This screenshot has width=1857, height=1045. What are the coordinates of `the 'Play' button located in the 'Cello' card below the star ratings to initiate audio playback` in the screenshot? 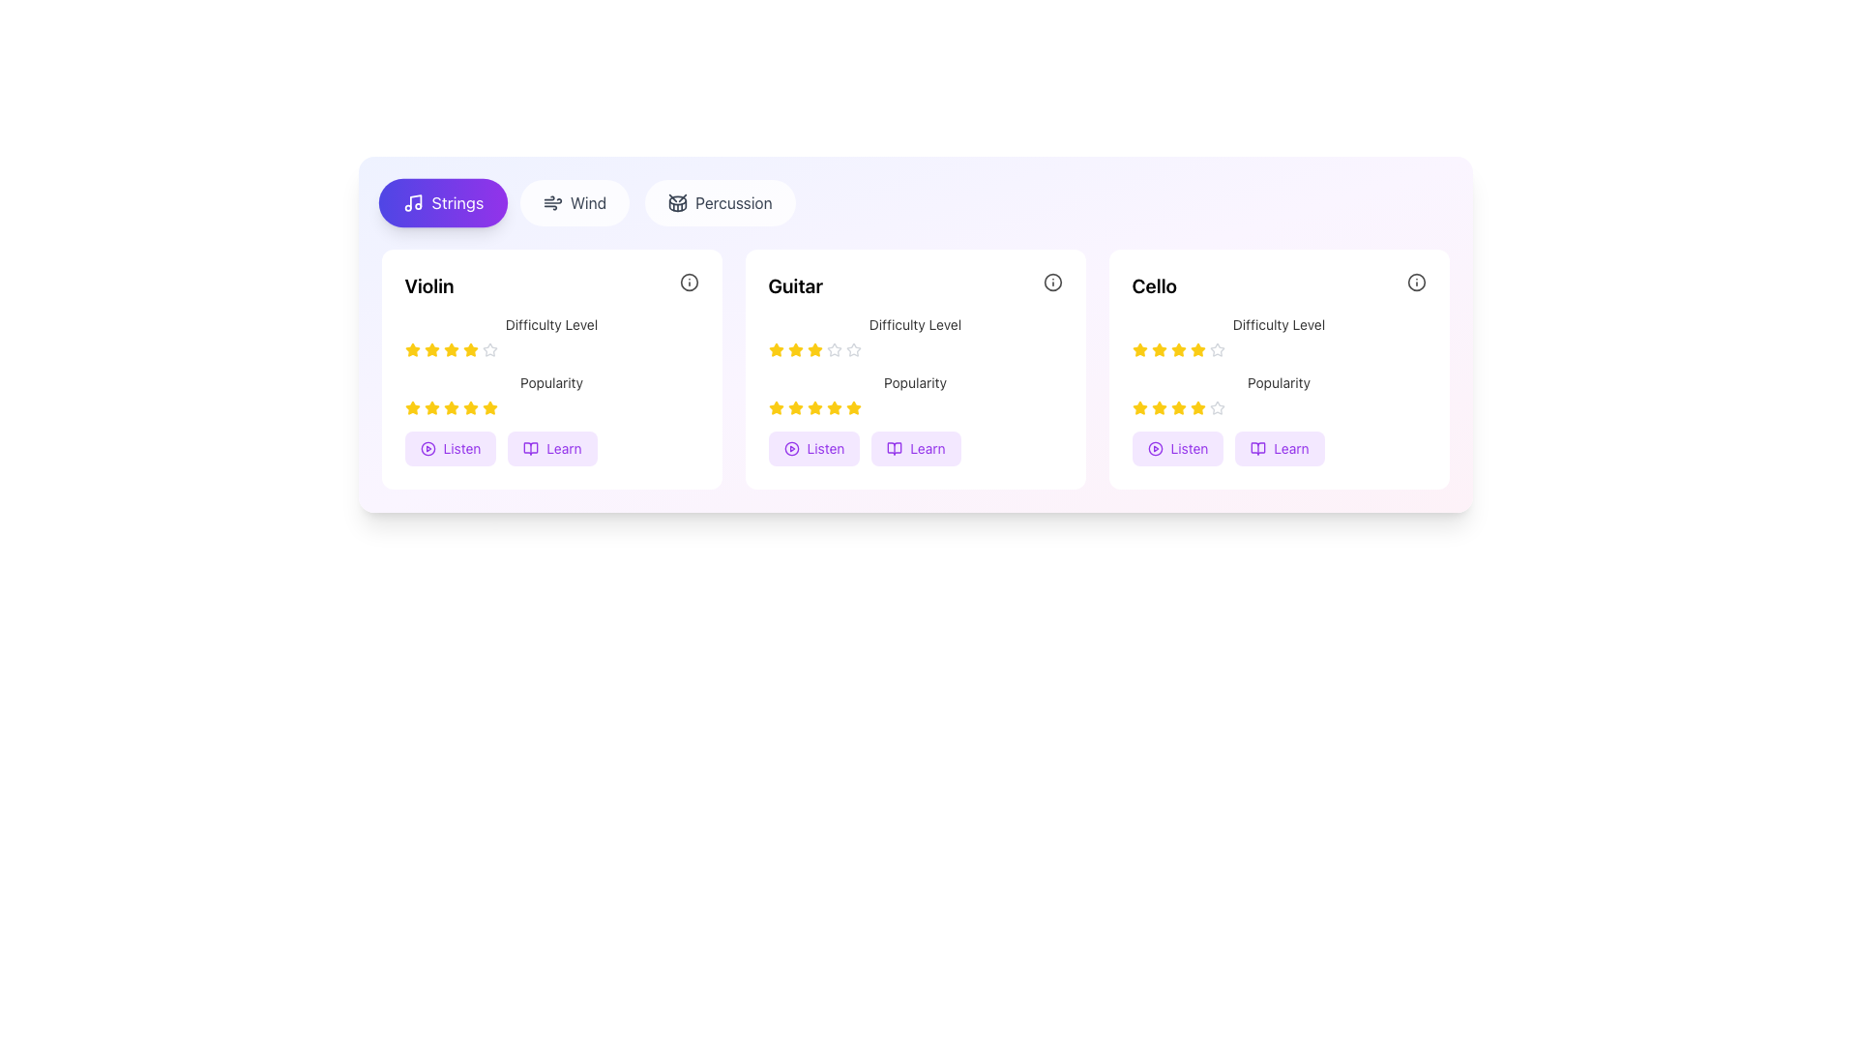 It's located at (1177, 448).